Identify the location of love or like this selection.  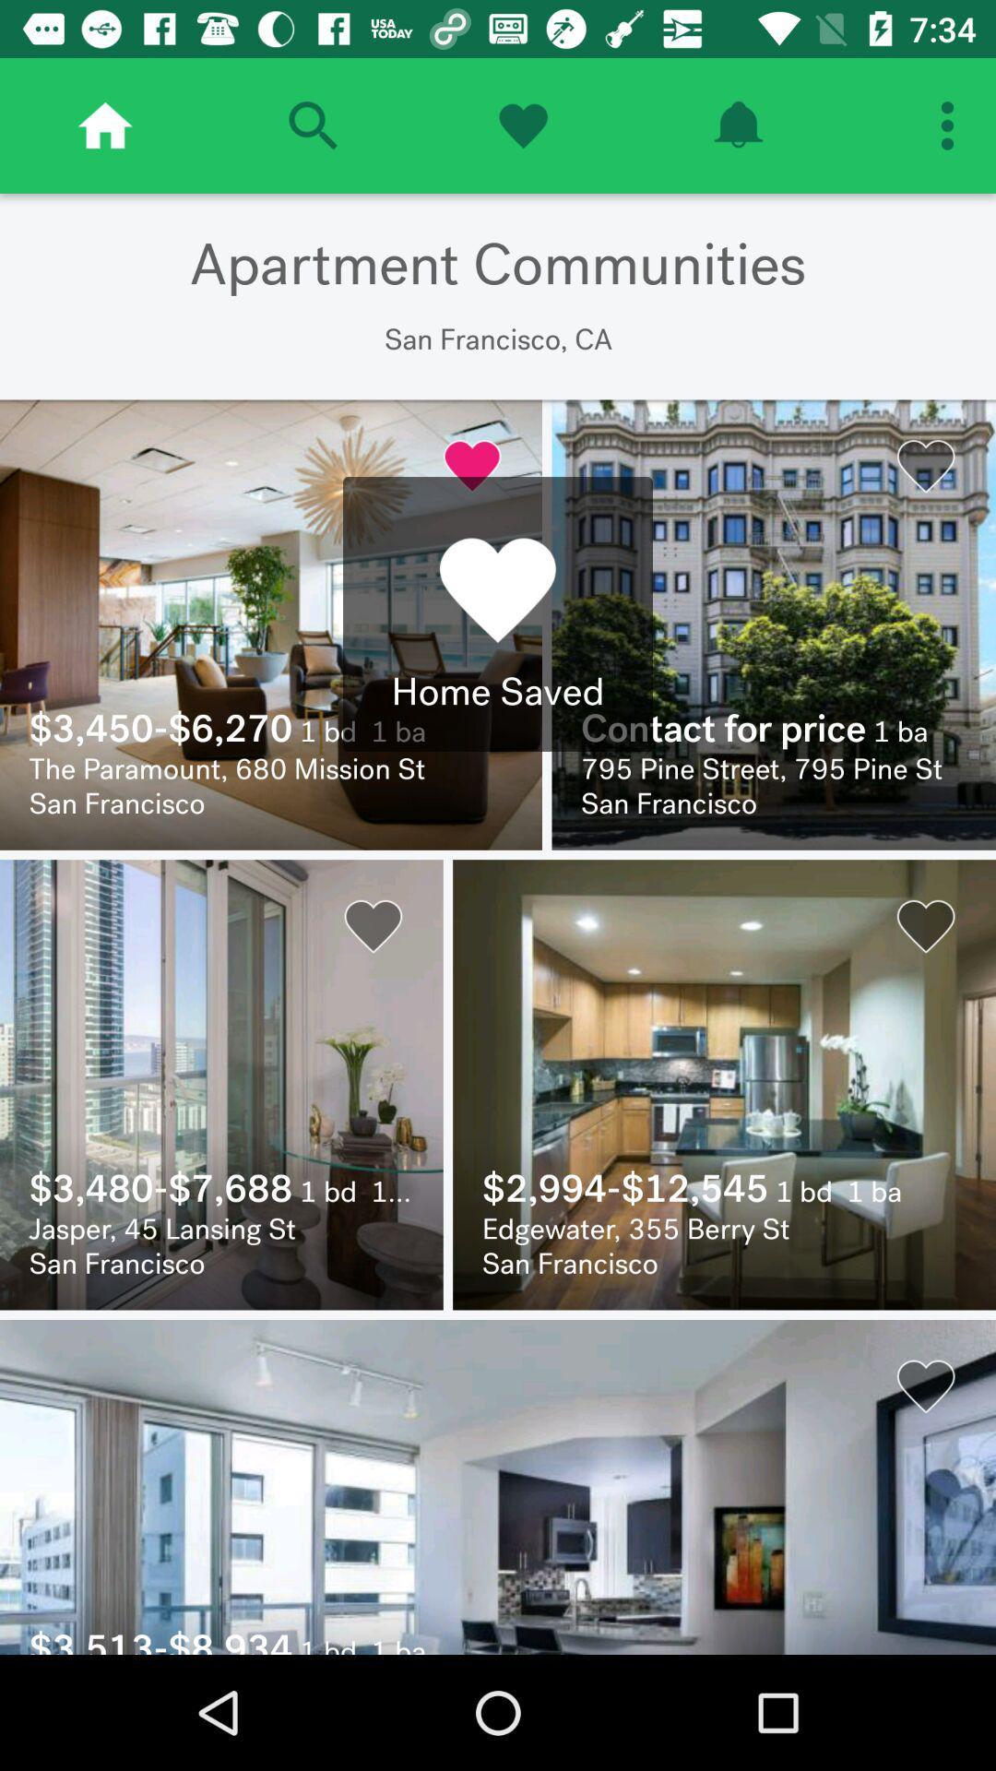
(523, 125).